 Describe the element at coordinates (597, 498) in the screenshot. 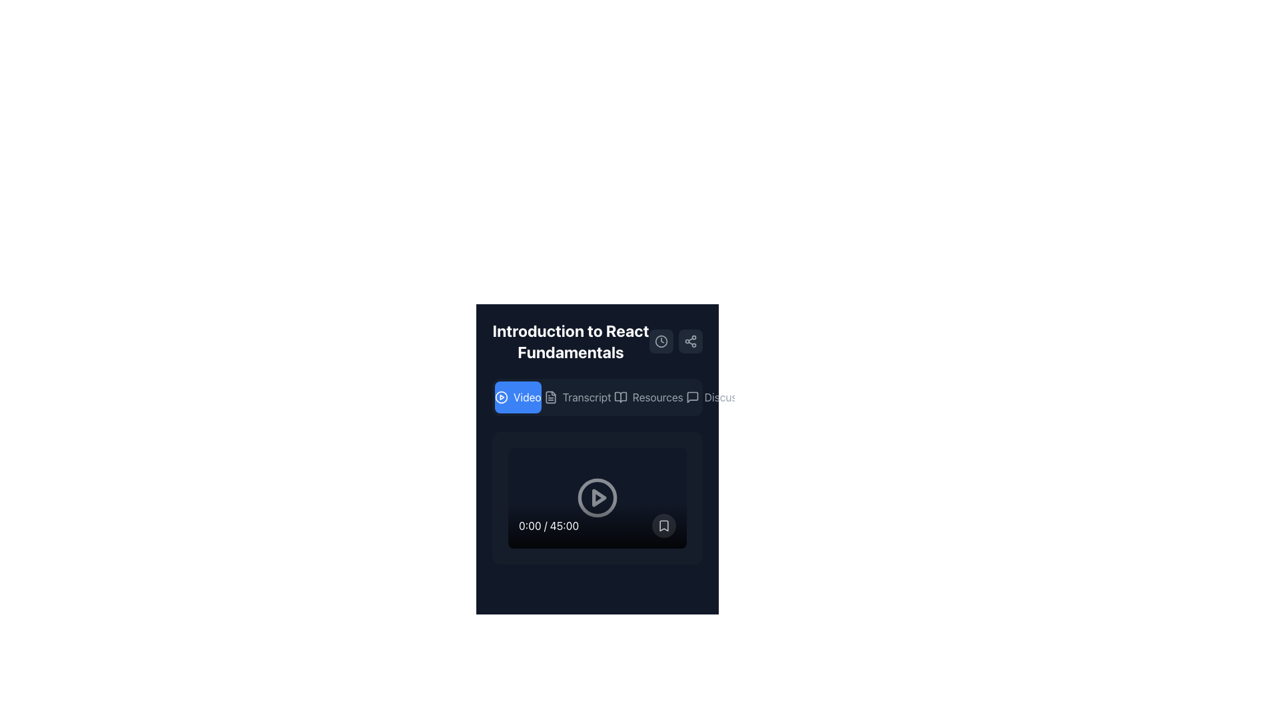

I see `the play button located at the center of the video player interface to trigger hover effects` at that location.